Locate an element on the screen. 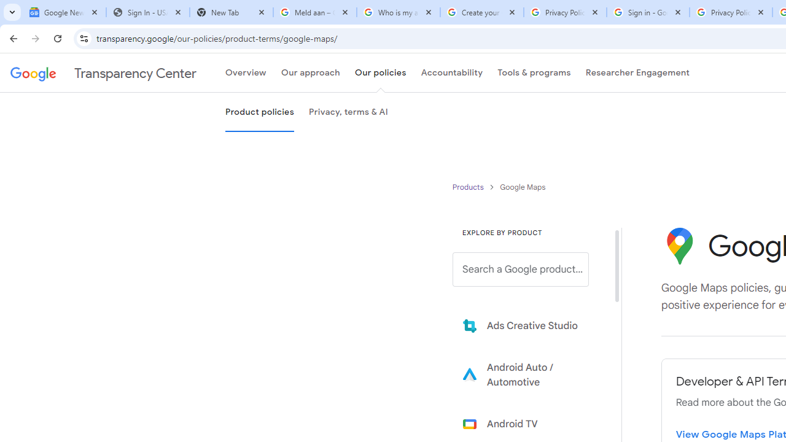  'Tools & programs' is located at coordinates (534, 73).